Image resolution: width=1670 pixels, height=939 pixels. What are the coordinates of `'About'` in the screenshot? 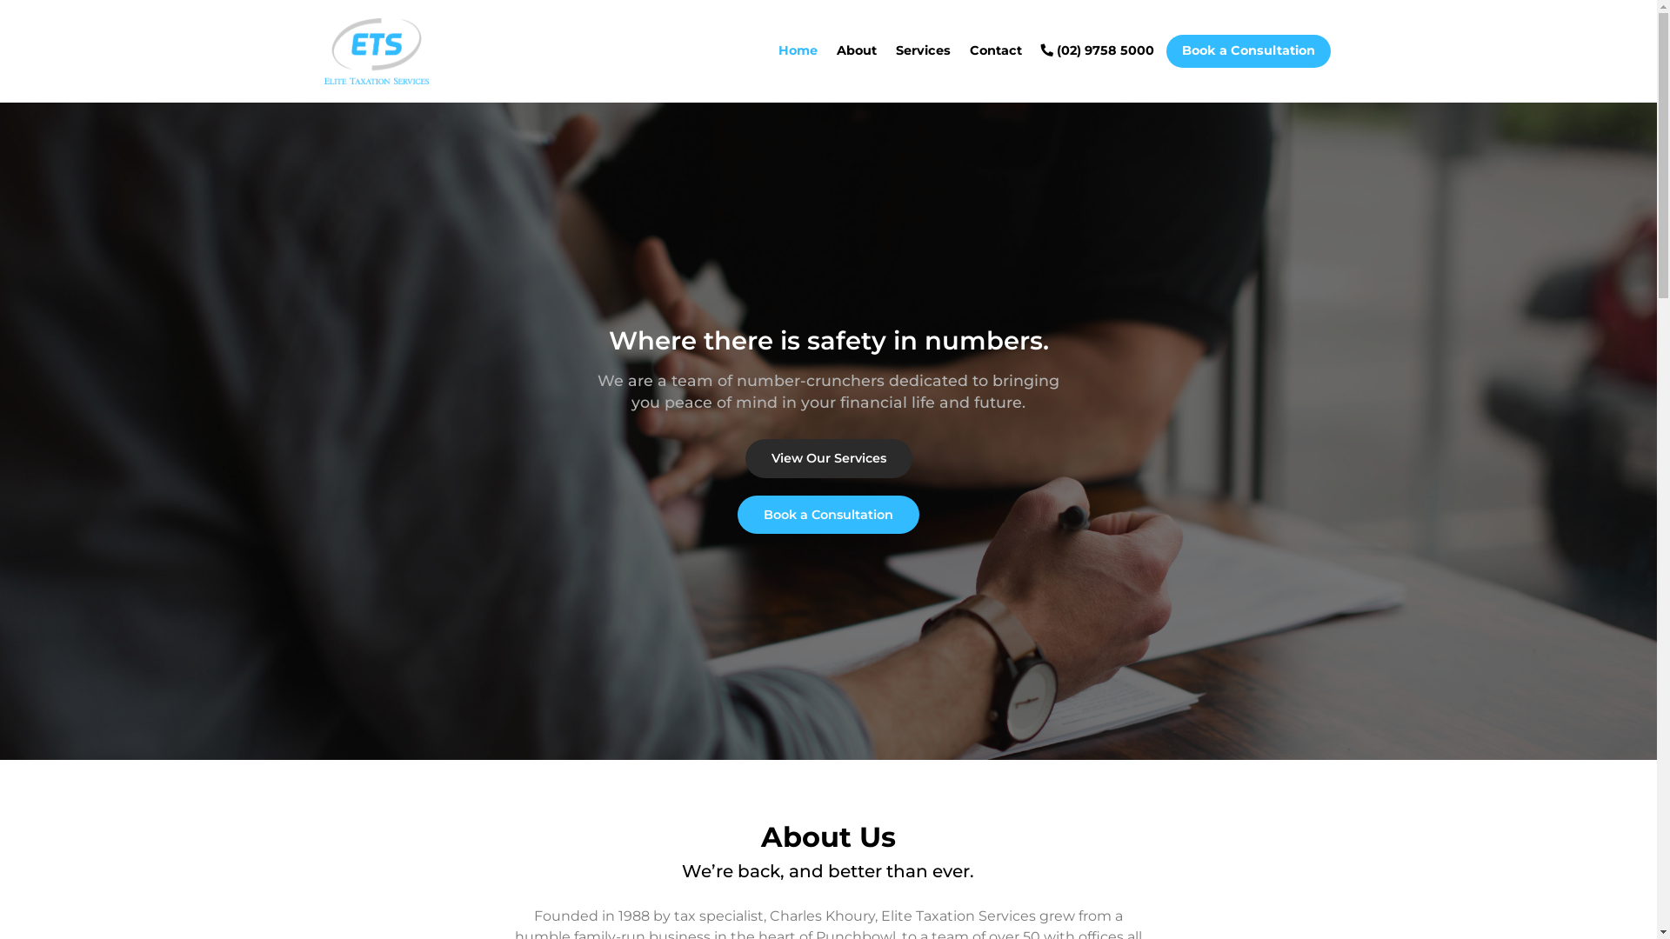 It's located at (856, 50).